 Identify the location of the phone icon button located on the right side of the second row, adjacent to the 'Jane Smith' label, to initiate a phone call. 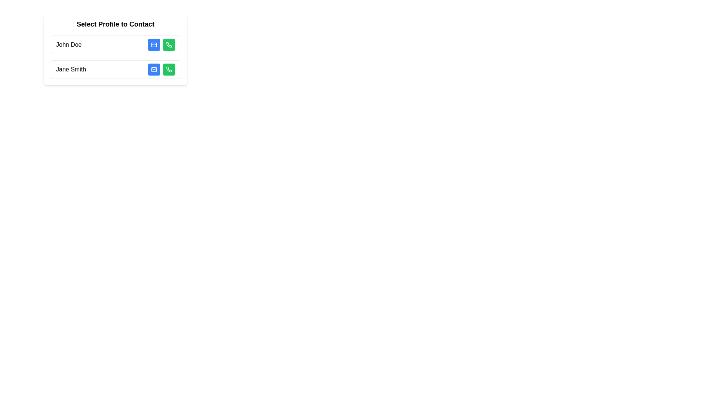
(168, 45).